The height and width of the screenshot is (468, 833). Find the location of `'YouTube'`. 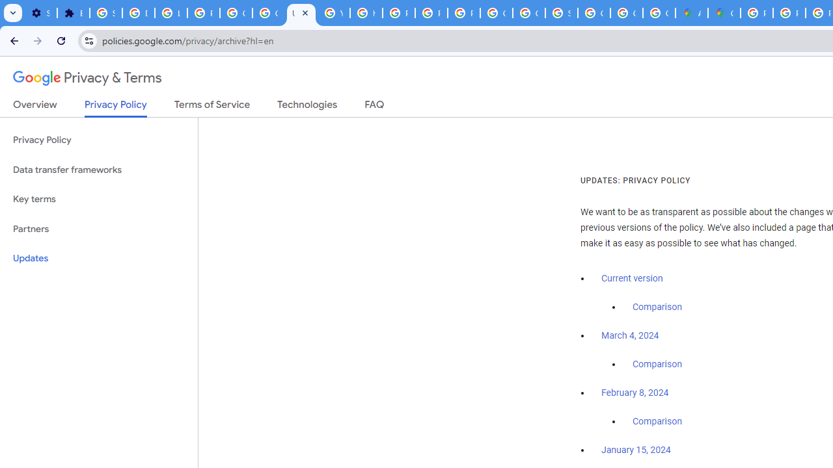

'YouTube' is located at coordinates (333, 13).